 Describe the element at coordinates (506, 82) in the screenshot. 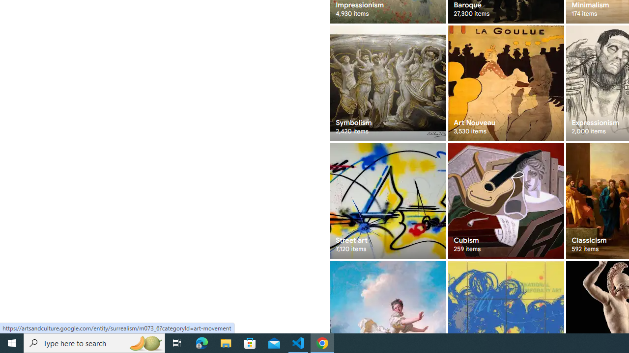

I see `'Art Nouveau 3,530 items'` at that location.